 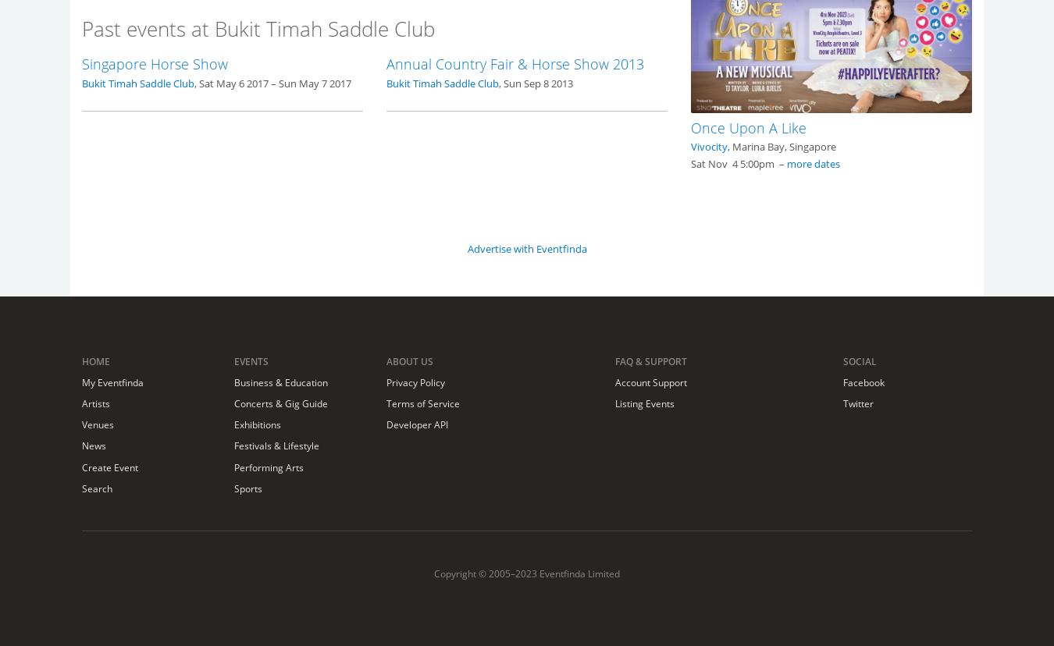 I want to click on 'Create Event', so click(x=109, y=466).